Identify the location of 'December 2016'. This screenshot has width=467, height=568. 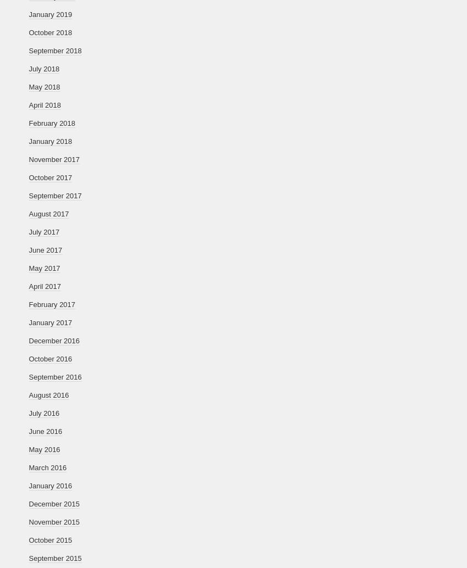
(53, 341).